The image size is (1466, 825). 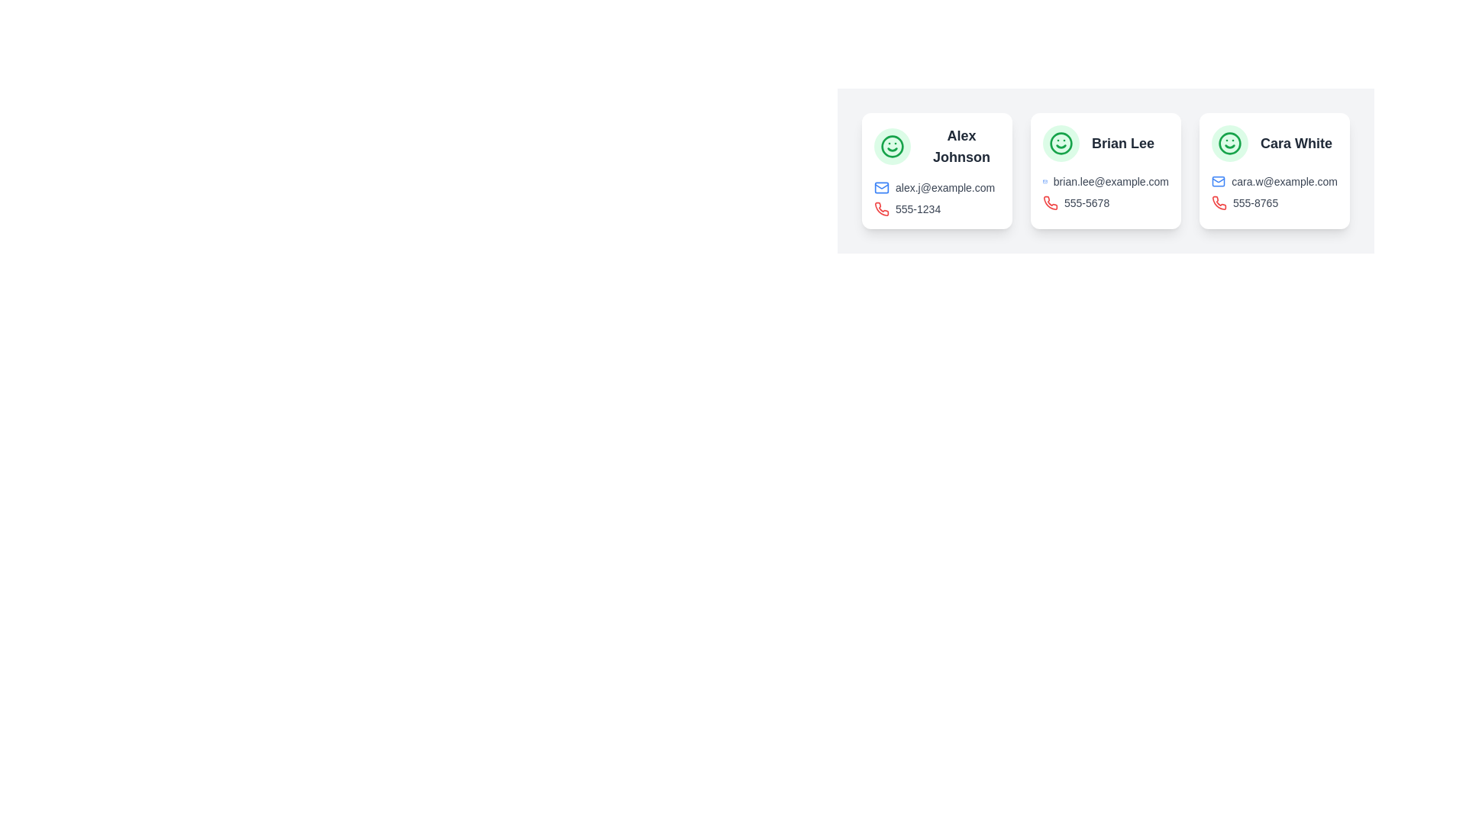 I want to click on the decorative icon that visually enhances the profile of 'Brian Lee', located at the upper-left corner of the profile card, adjacent to the text and contact details, so click(x=1061, y=144).